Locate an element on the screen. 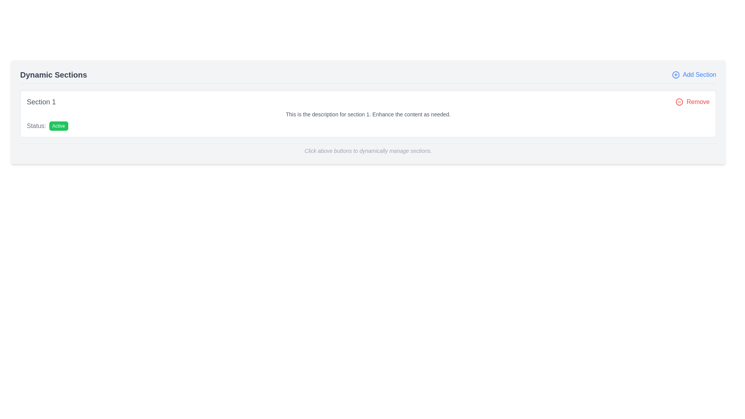 This screenshot has width=745, height=419. the 'Remove' button text which is styled with a hover effect that changes its color to a darker shade of red is located at coordinates (693, 101).